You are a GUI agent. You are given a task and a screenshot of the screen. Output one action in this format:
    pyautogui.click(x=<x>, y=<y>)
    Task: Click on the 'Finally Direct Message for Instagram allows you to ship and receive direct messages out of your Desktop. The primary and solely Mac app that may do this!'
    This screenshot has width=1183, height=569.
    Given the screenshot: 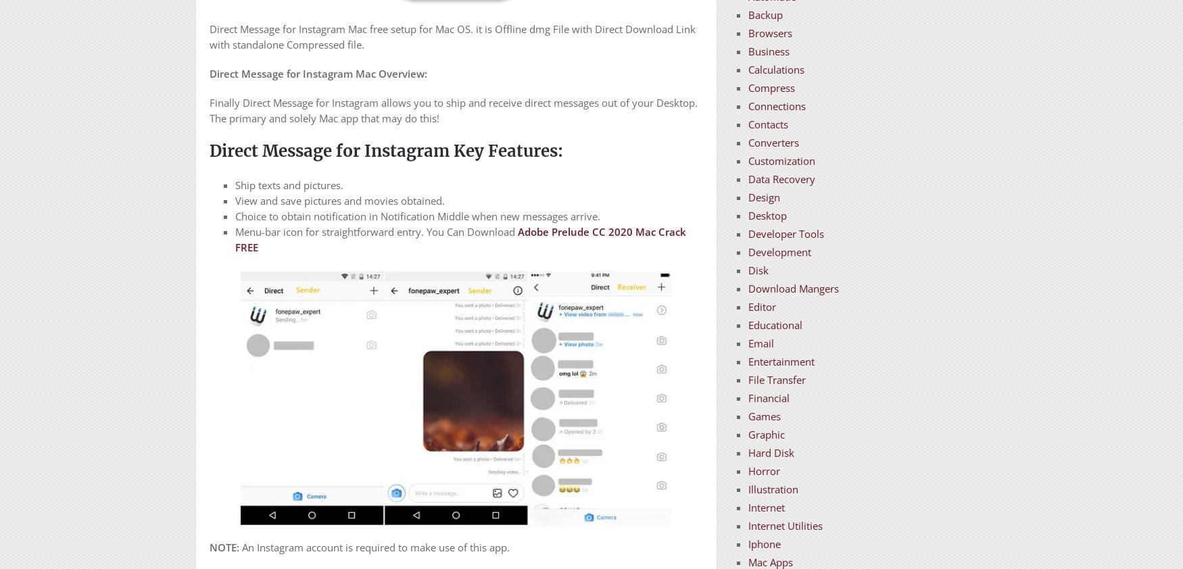 What is the action you would take?
    pyautogui.click(x=452, y=109)
    